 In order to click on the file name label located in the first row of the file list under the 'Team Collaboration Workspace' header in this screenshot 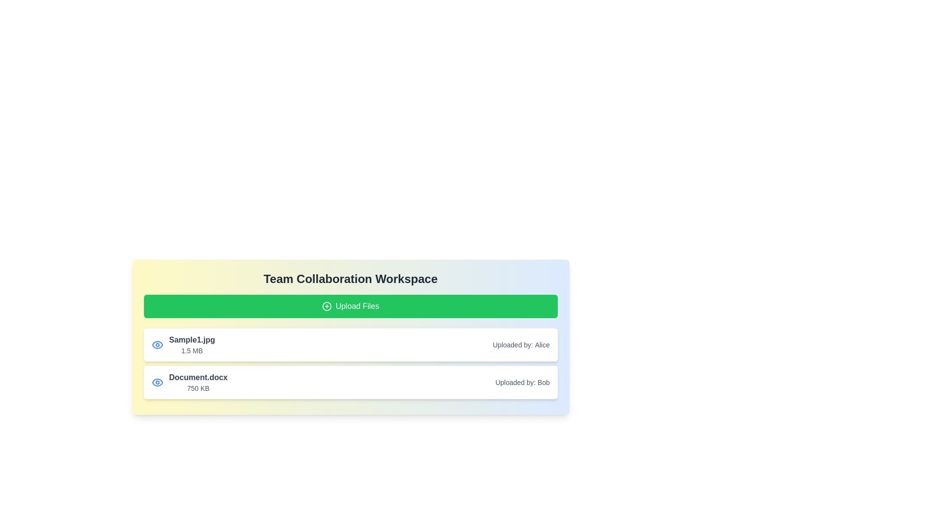, I will do `click(192, 344)`.